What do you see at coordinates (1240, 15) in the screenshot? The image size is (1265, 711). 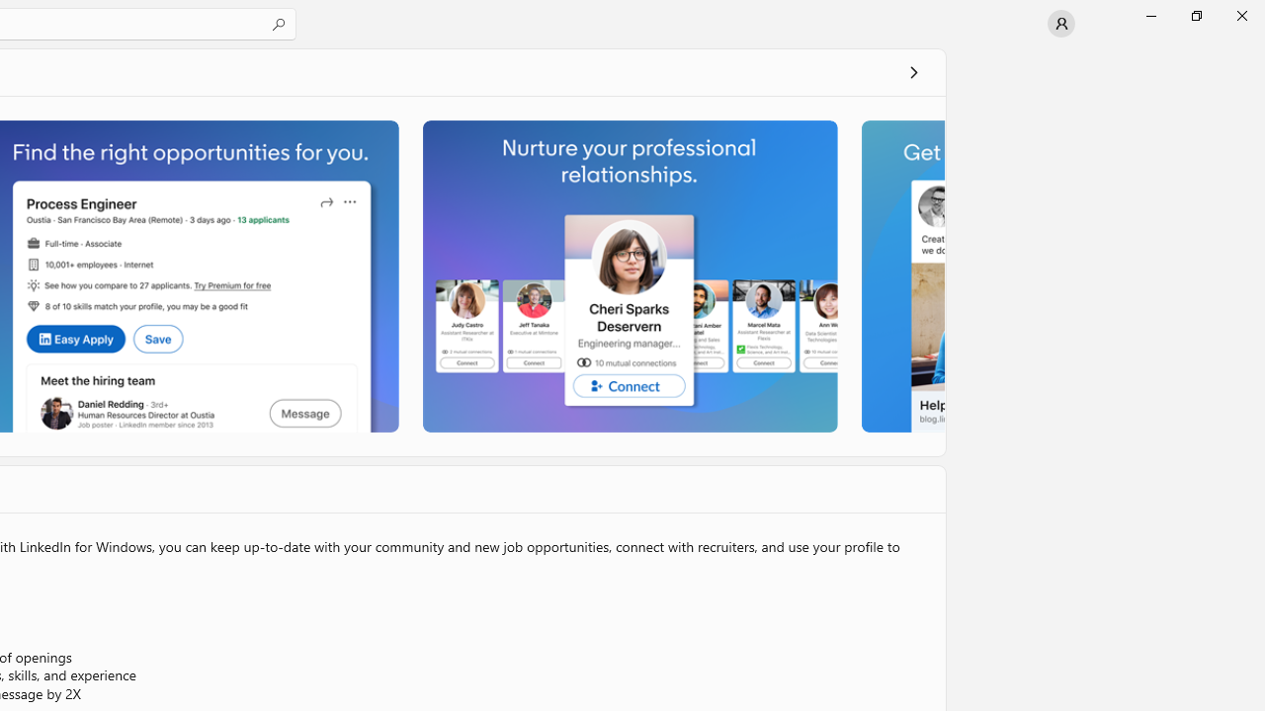 I see `'Close Microsoft Store'` at bounding box center [1240, 15].